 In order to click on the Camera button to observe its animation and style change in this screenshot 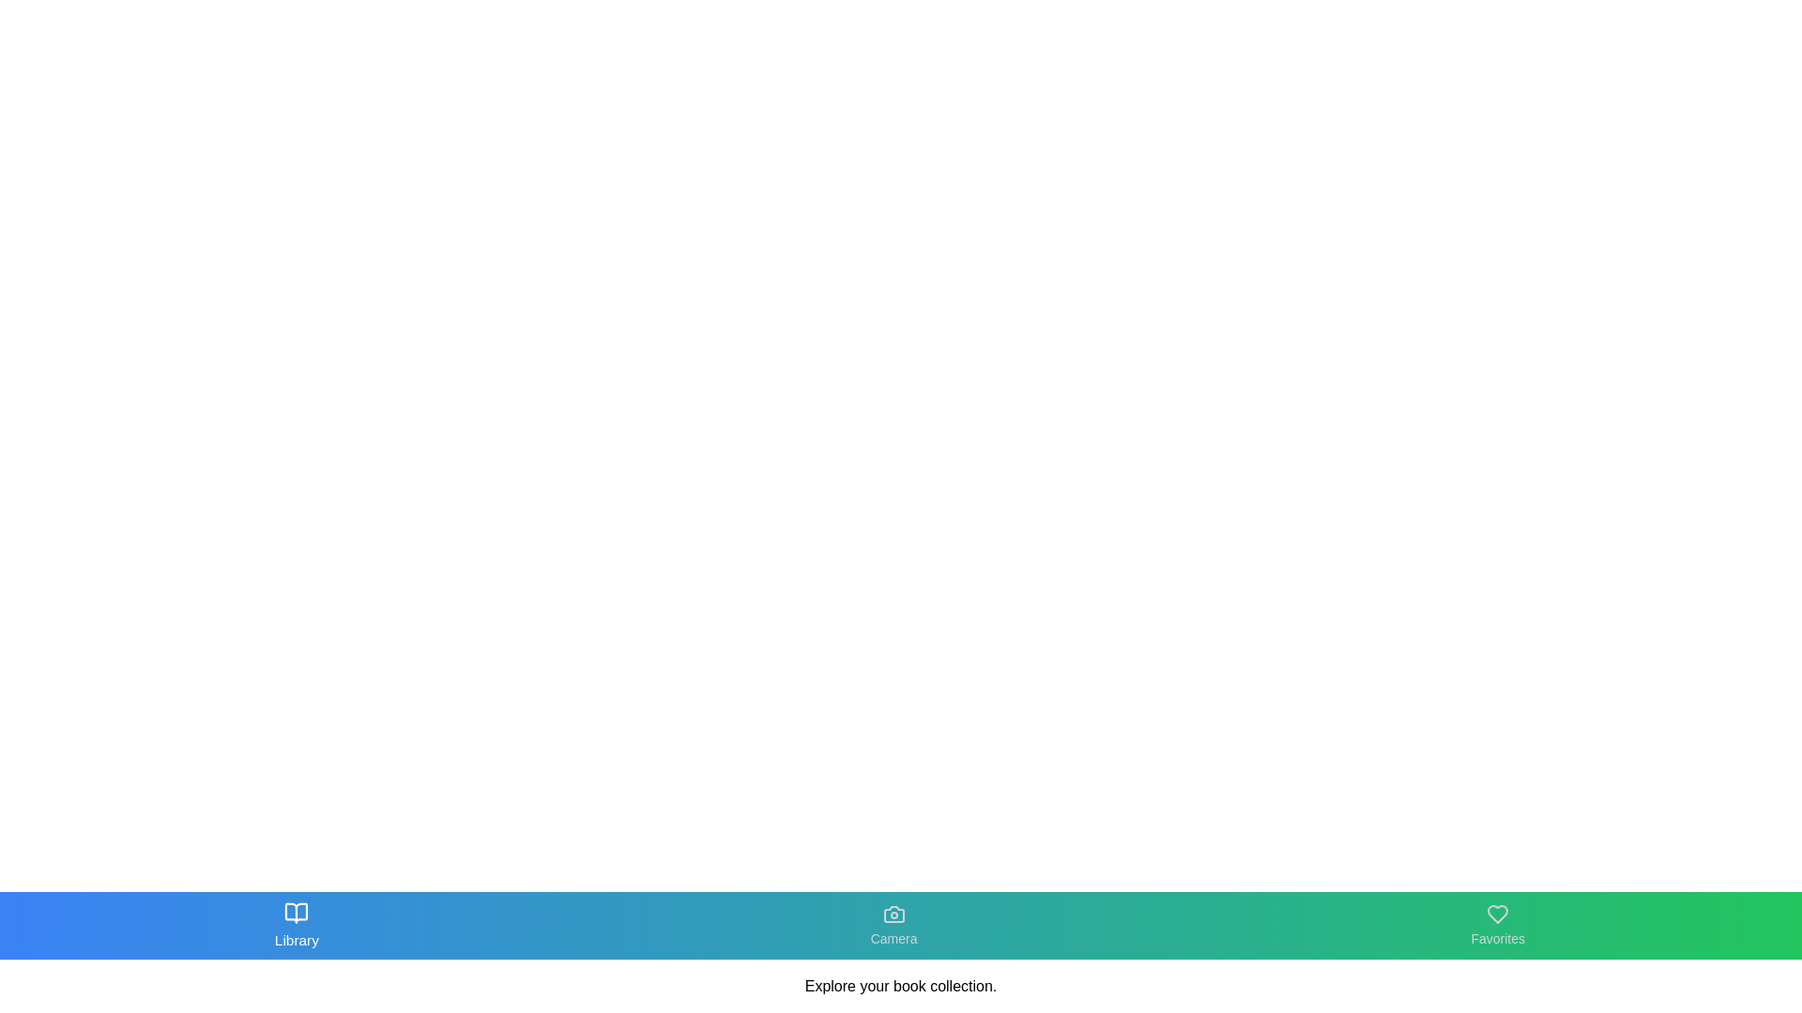, I will do `click(893, 925)`.